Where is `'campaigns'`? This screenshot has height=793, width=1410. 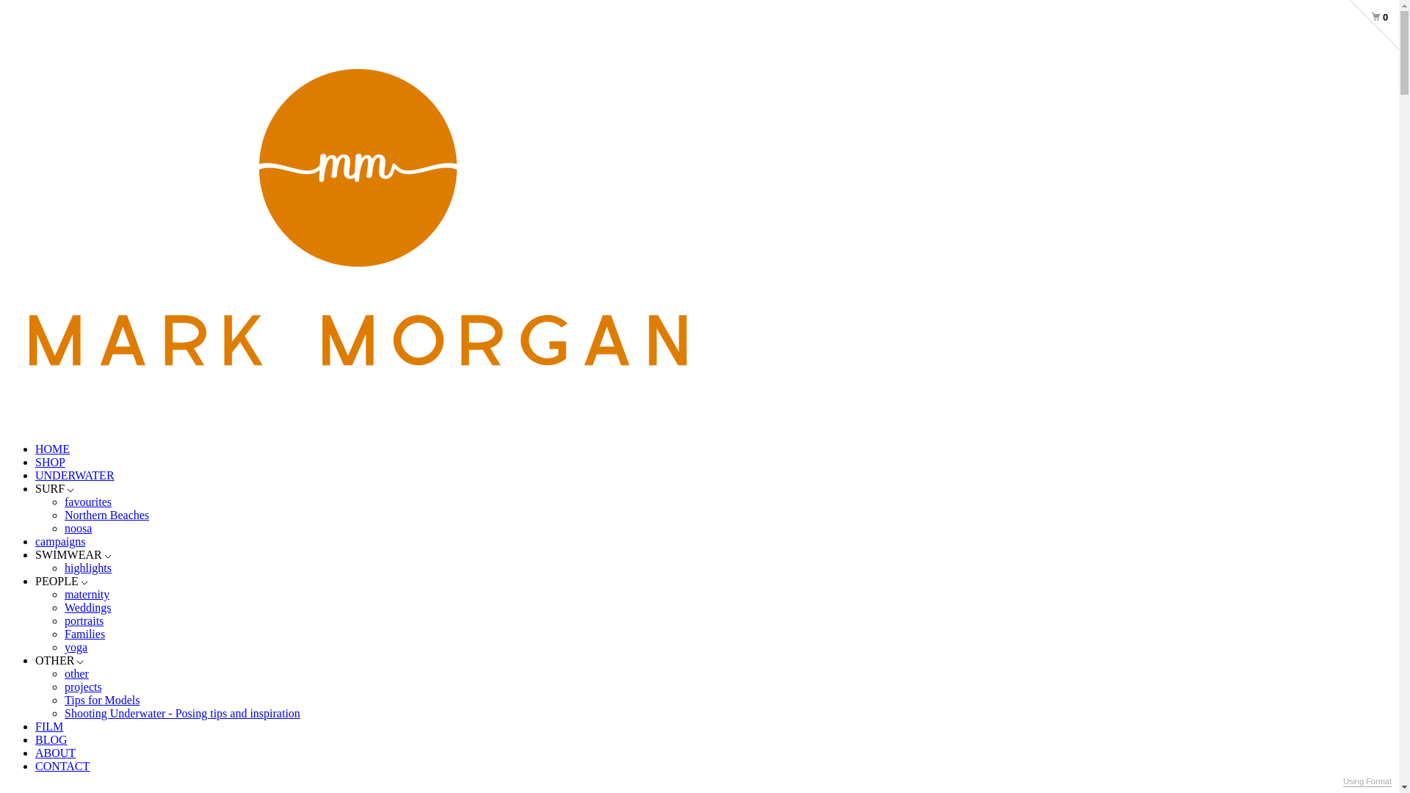 'campaigns' is located at coordinates (59, 541).